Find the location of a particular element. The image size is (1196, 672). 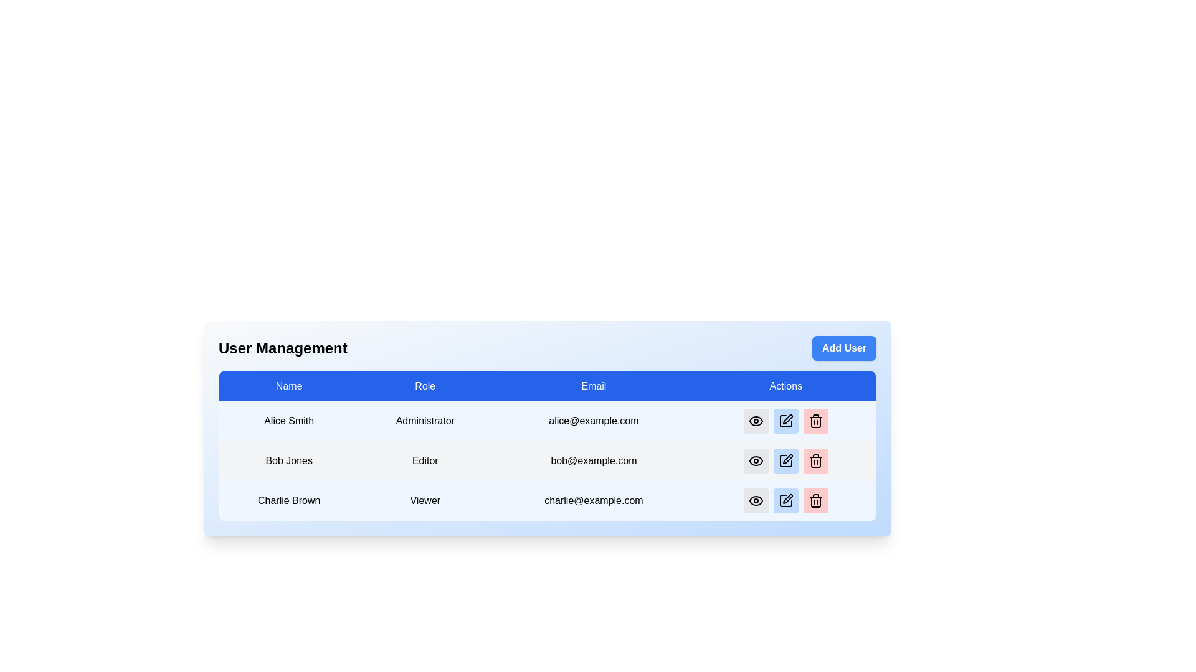

the static text element displaying the email address of the user 'Alice Smith' is located at coordinates (593, 421).